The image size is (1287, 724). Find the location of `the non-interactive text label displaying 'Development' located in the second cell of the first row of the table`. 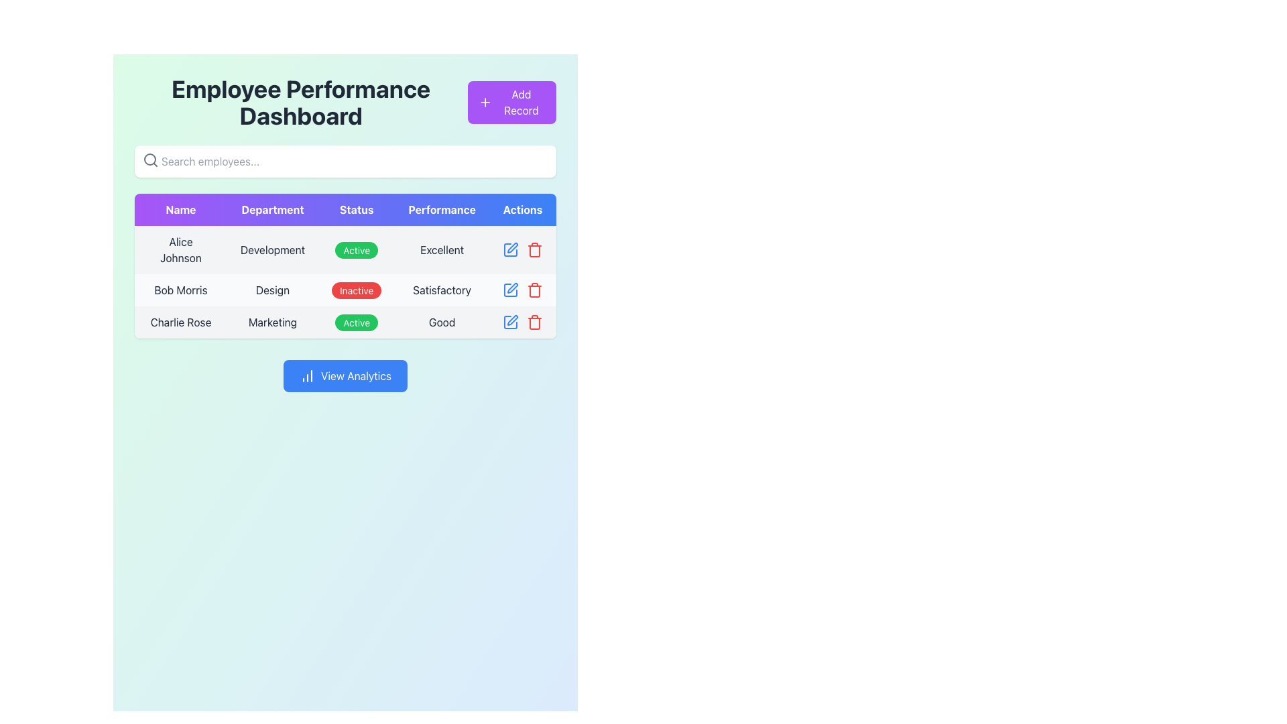

the non-interactive text label displaying 'Development' located in the second cell of the first row of the table is located at coordinates (272, 250).